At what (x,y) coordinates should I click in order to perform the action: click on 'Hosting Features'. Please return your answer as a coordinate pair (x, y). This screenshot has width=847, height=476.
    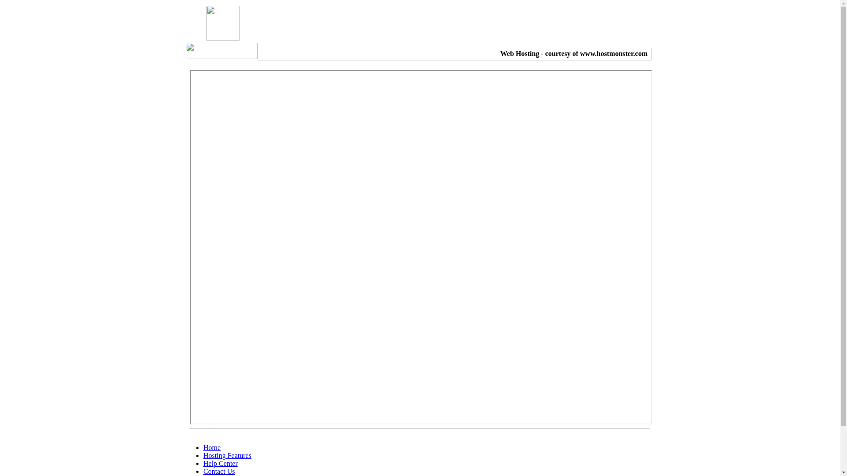
    Looking at the image, I should click on (202, 455).